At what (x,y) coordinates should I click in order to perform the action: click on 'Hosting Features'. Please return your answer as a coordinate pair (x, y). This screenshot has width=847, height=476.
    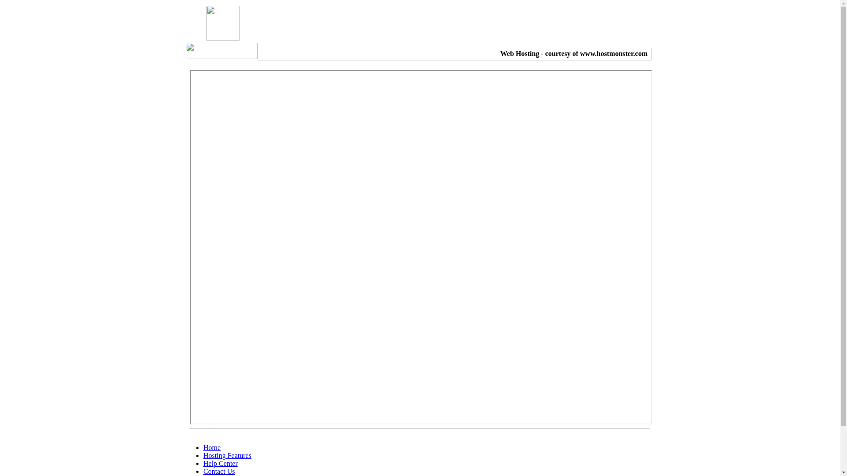
    Looking at the image, I should click on (202, 455).